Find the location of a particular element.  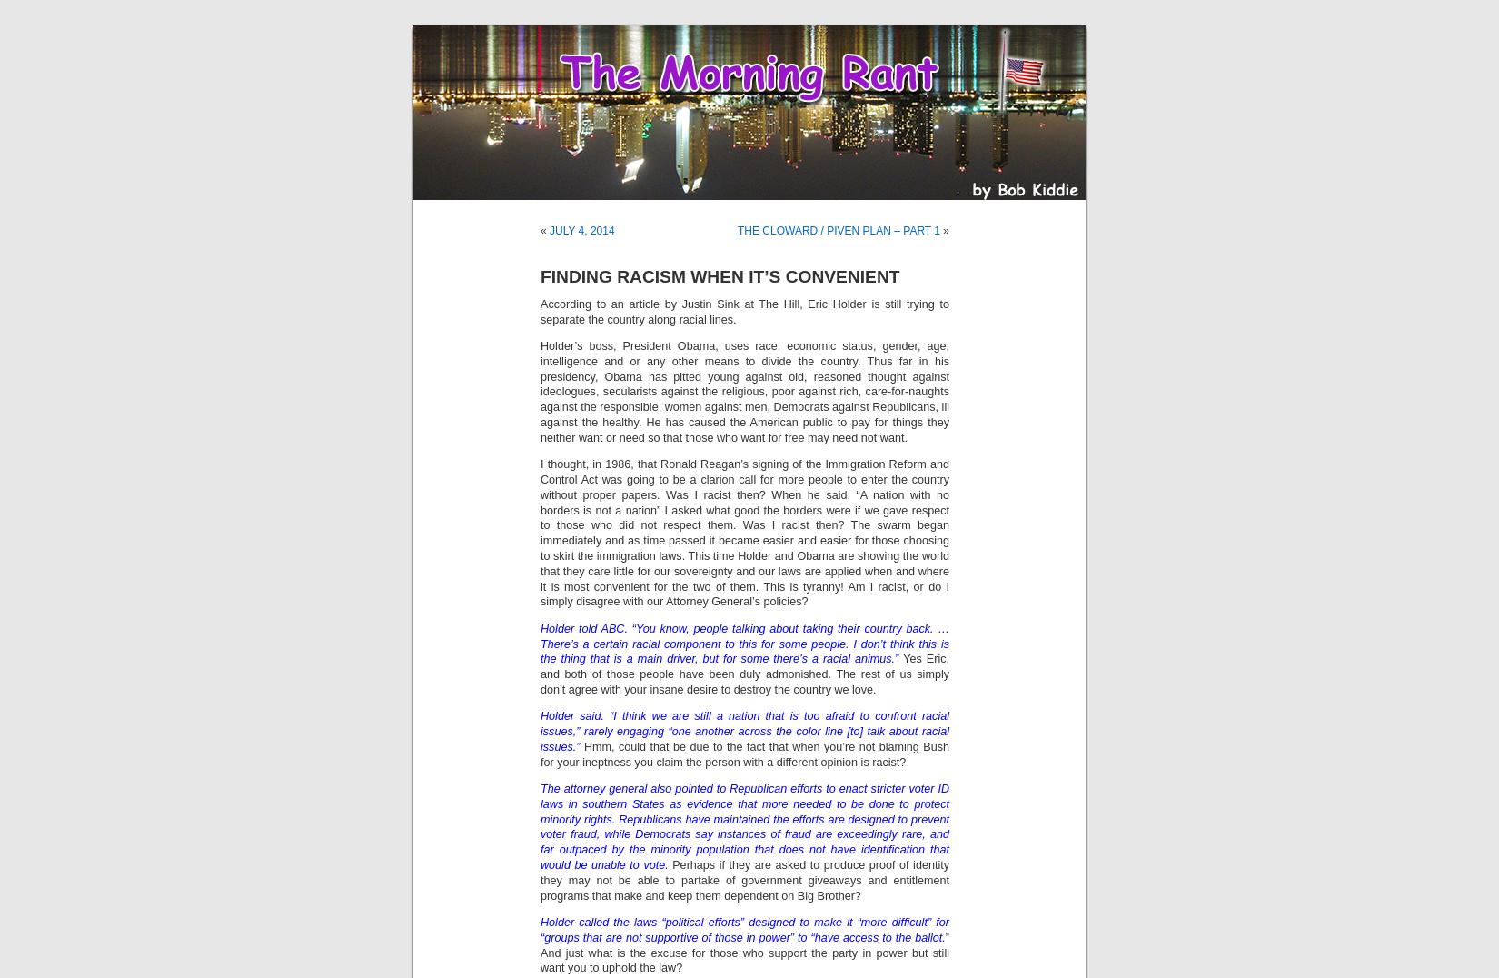

'” And just what is the excuse for those who support the party in power but still want you to uphold the law?' is located at coordinates (539, 953).